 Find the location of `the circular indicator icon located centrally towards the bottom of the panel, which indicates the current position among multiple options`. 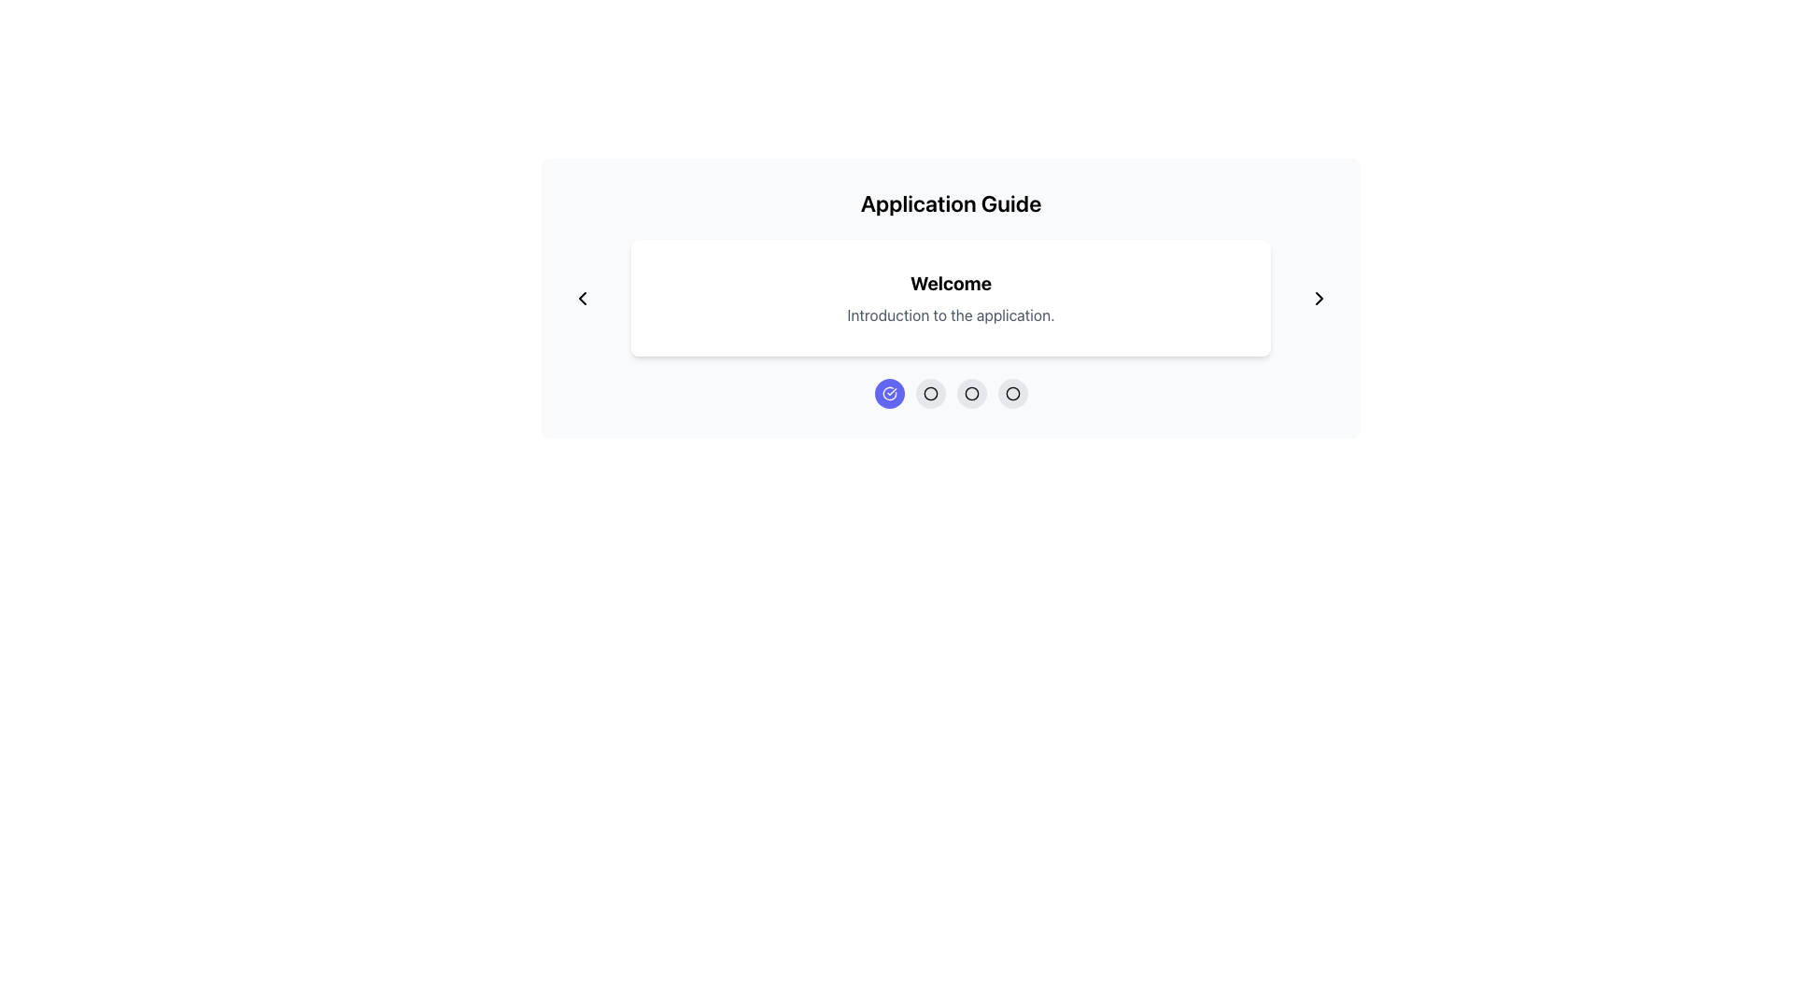

the circular indicator icon located centrally towards the bottom of the panel, which indicates the current position among multiple options is located at coordinates (1011, 392).